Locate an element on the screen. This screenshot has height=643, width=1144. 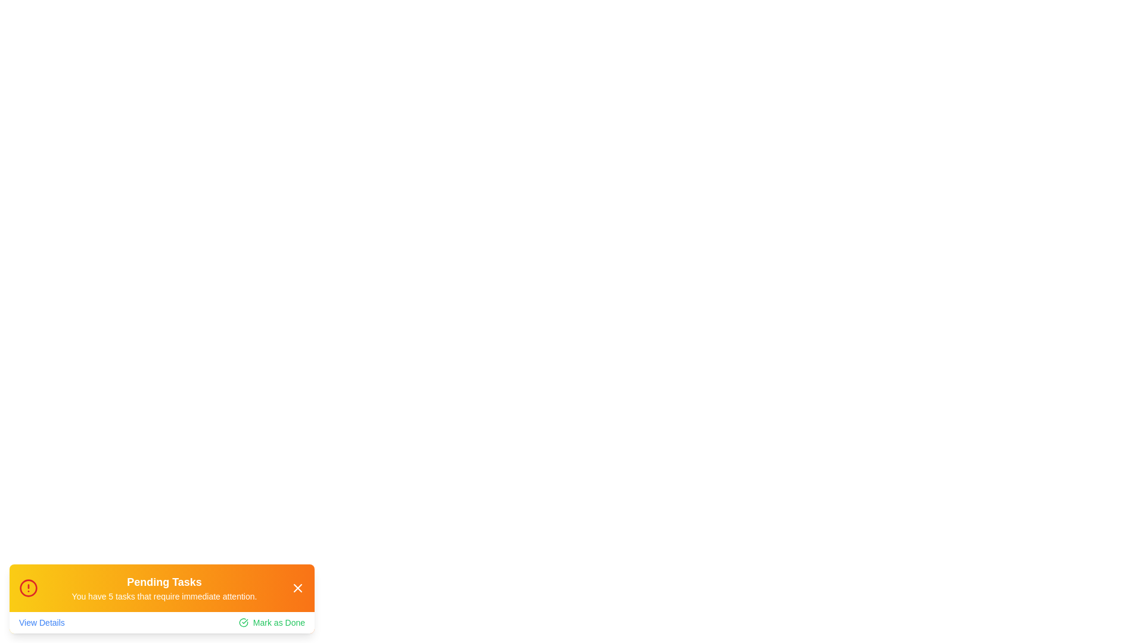
the 'X' button to close the alert is located at coordinates (297, 587).